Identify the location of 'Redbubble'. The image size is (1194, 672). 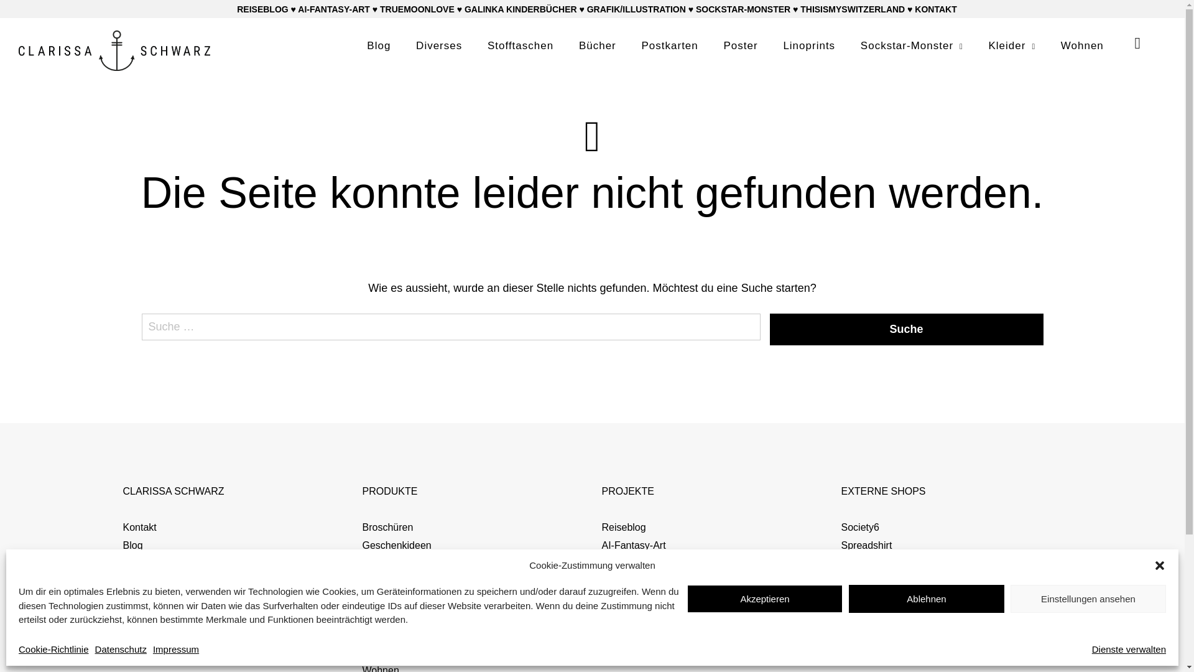
(864, 562).